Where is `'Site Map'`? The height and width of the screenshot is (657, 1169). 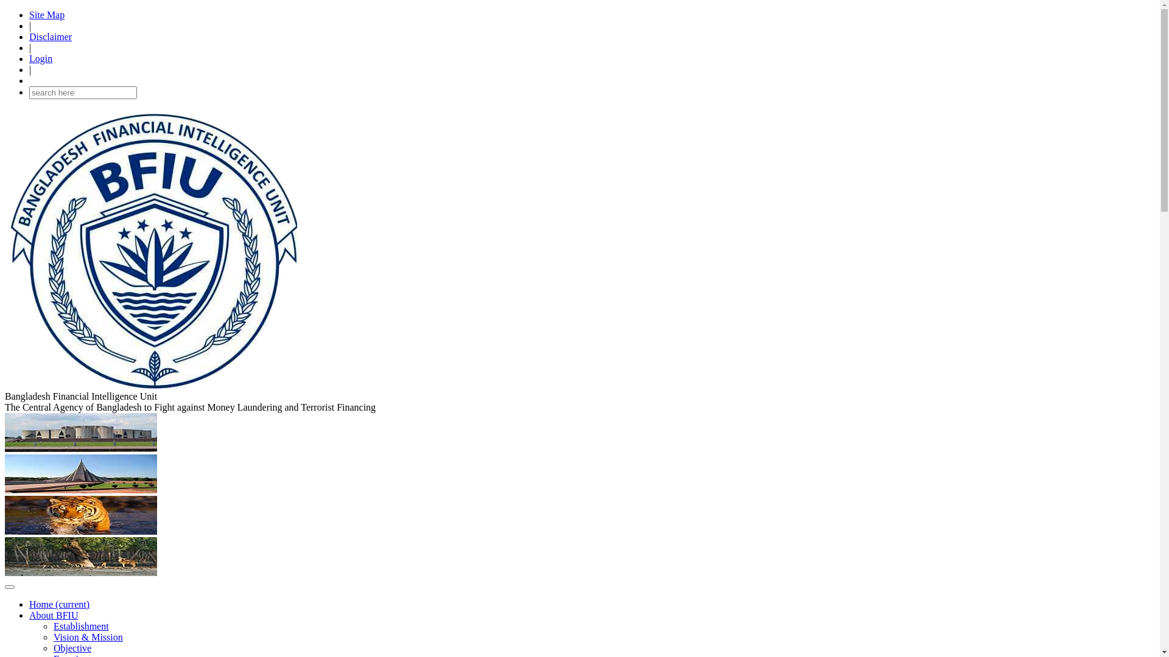
'Site Map' is located at coordinates (46, 15).